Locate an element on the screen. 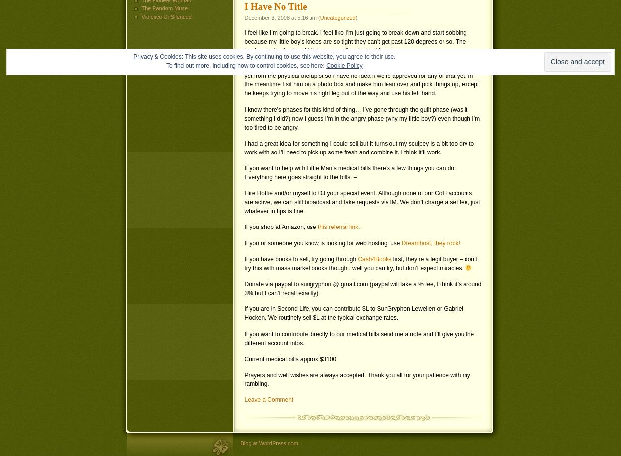 Image resolution: width=621 pixels, height=456 pixels. 'To find out more, including how to control cookies, see here:' is located at coordinates (245, 65).